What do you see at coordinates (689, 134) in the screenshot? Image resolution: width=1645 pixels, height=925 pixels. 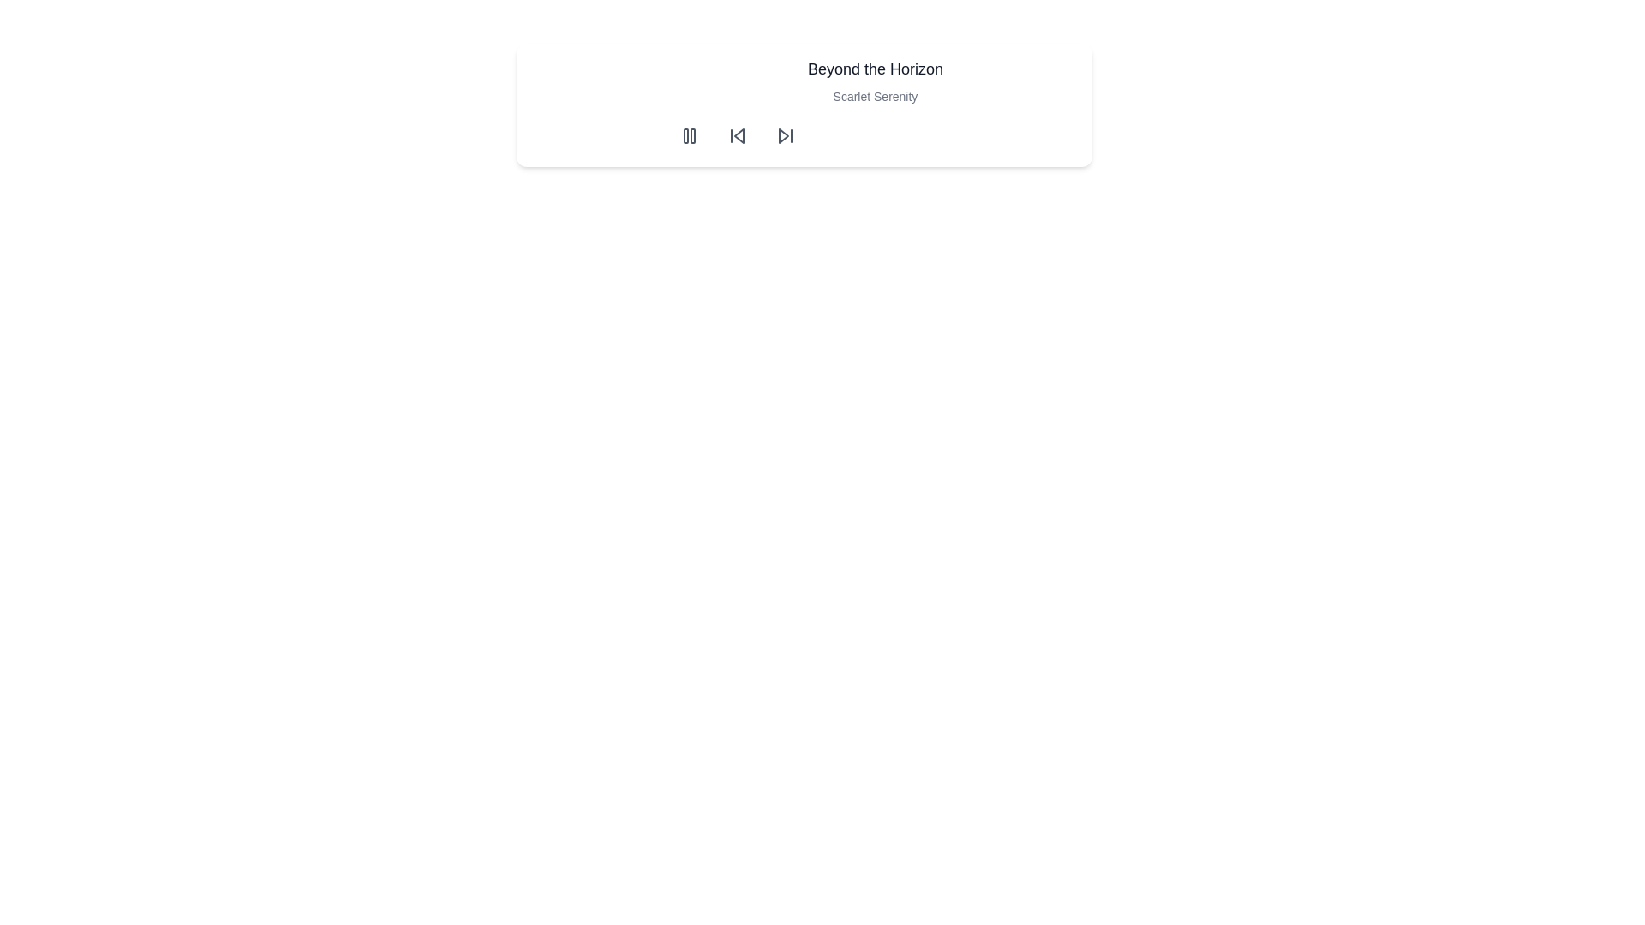 I see `the first circular button with a gray hover effect and a pause icon, located in a group of three buttons` at bounding box center [689, 134].